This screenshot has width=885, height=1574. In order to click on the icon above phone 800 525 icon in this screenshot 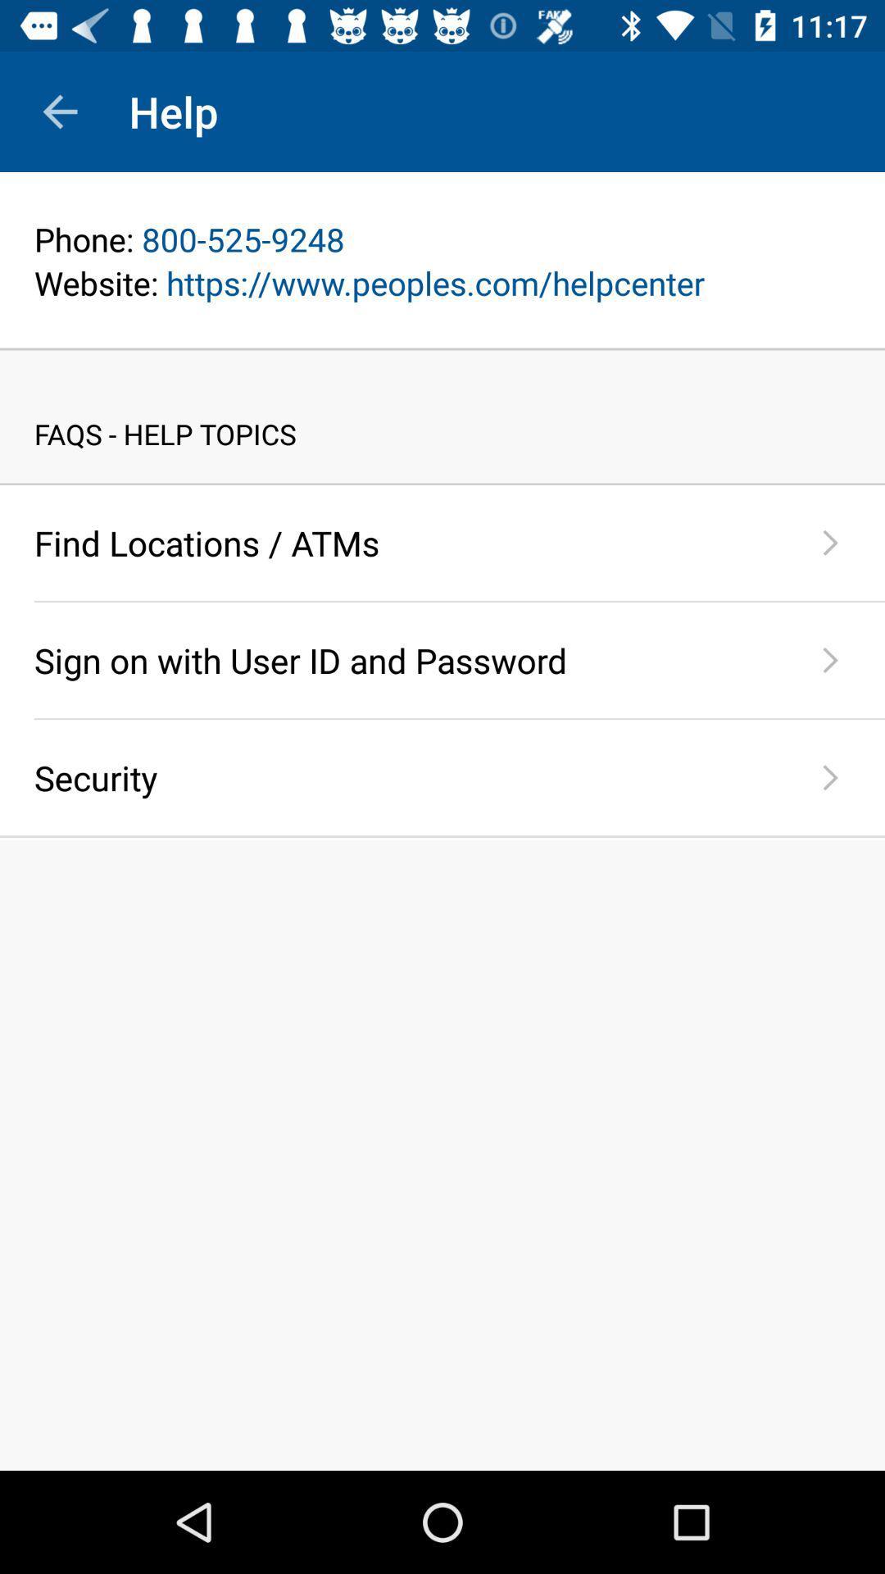, I will do `click(442, 216)`.